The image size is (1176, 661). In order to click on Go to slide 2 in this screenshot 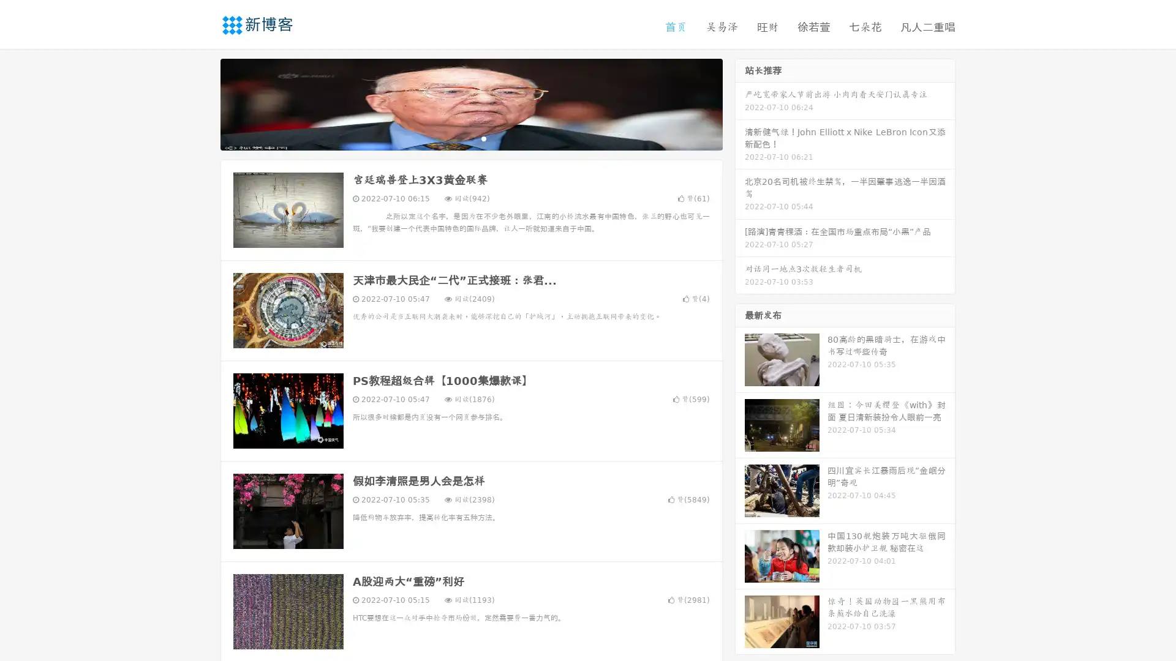, I will do `click(470, 138)`.